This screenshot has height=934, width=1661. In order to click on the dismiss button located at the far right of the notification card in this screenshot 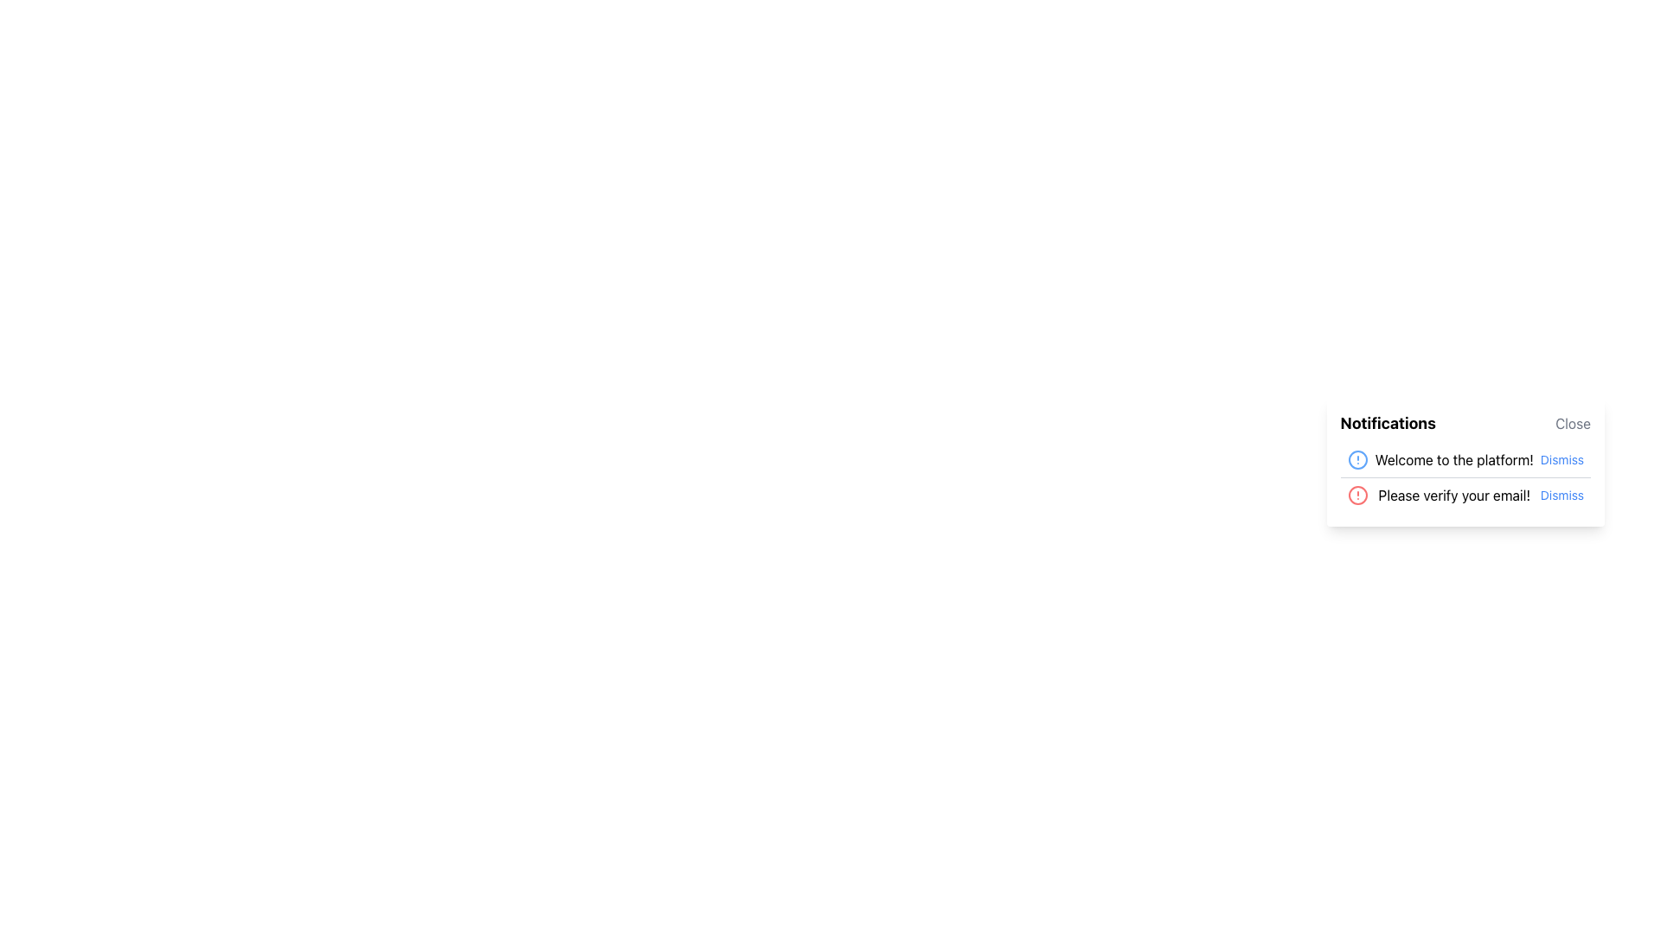, I will do `click(1562, 496)`.